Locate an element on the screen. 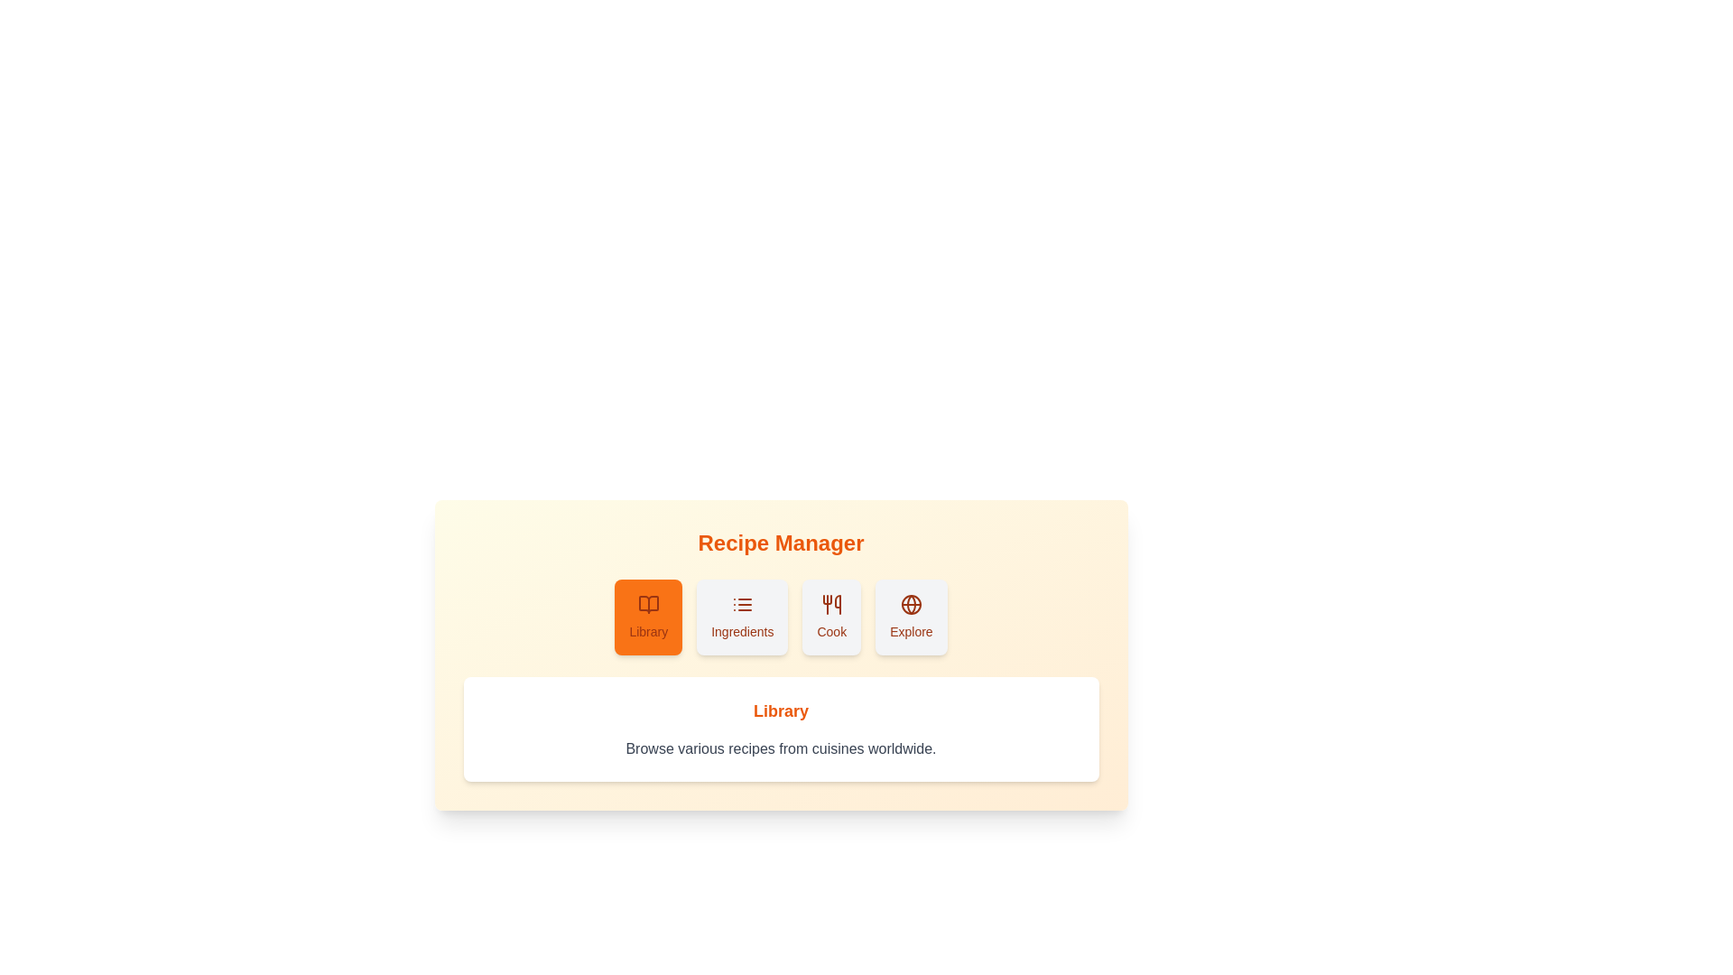 Image resolution: width=1733 pixels, height=975 pixels. the Explore tab in the RecipeCollection component is located at coordinates (911, 616).